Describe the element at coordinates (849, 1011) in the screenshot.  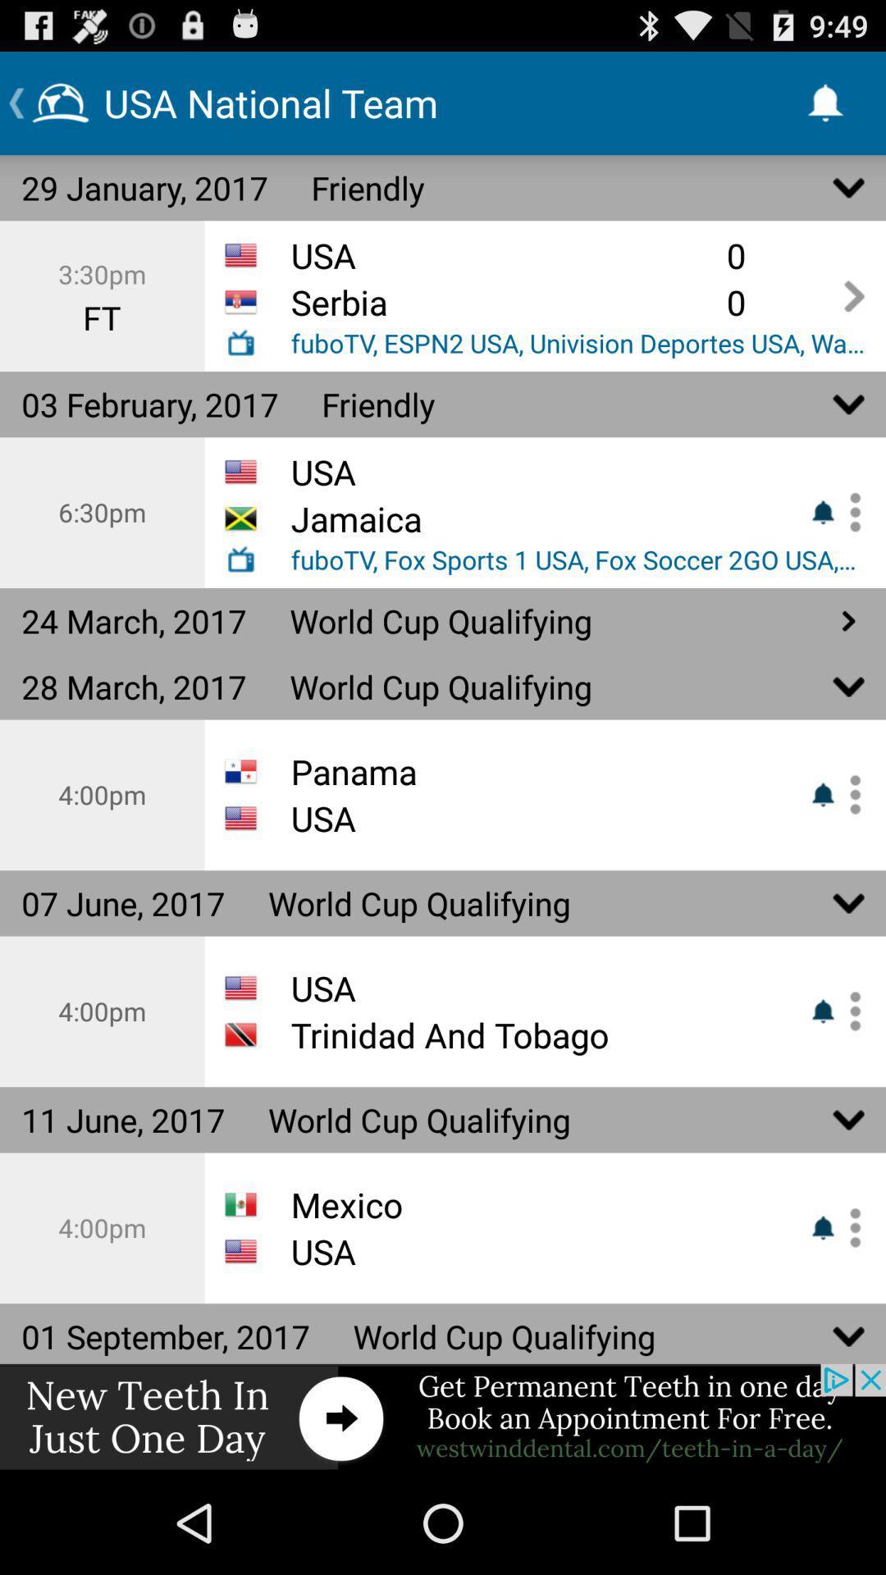
I see `to favorite` at that location.